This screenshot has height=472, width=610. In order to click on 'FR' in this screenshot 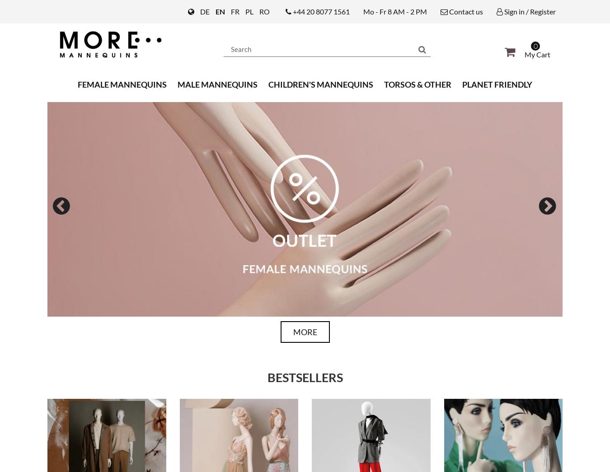, I will do `click(230, 11)`.